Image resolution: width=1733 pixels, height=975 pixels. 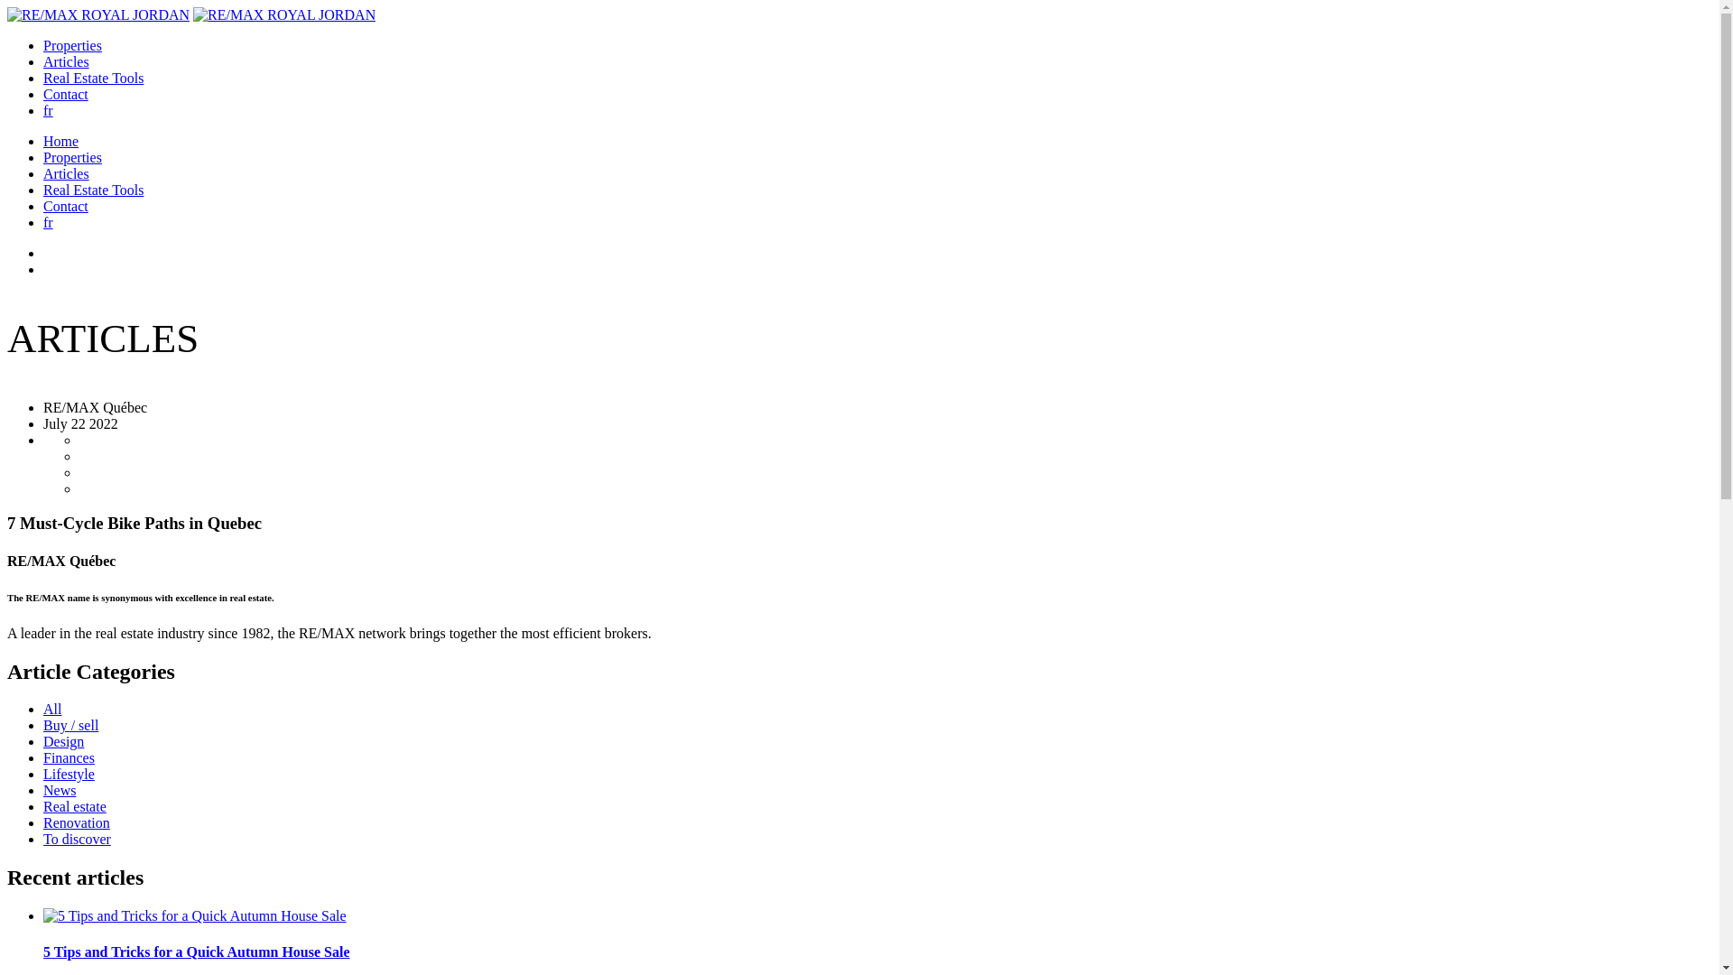 What do you see at coordinates (43, 156) in the screenshot?
I see `'Properties'` at bounding box center [43, 156].